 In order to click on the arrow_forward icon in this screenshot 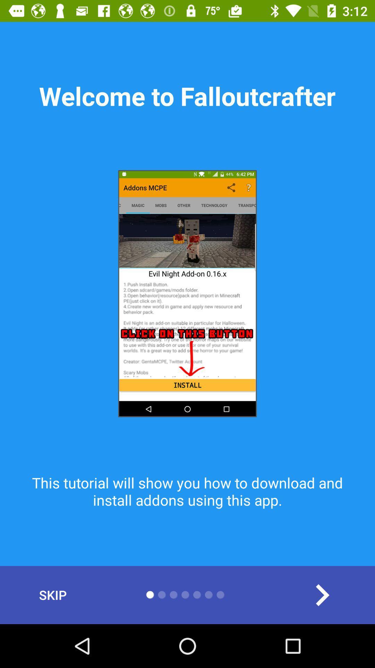, I will do `click(322, 595)`.